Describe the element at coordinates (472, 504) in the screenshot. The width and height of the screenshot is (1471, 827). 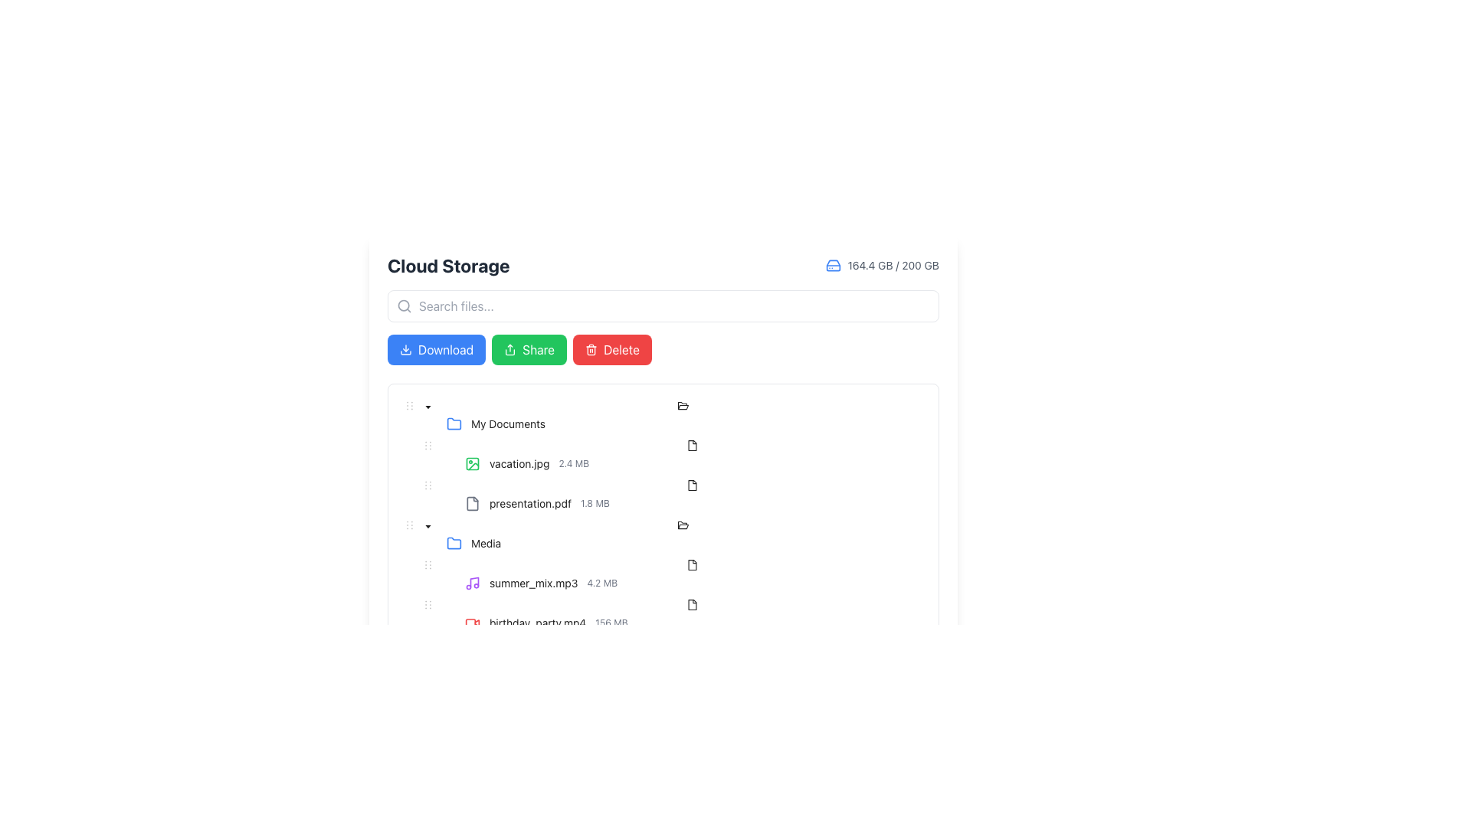
I see `the document icon, which is a gray outline of a rectangular sheet of paper with a dog-eared corner, located to the left of the text 'presentation.pdf'` at that location.